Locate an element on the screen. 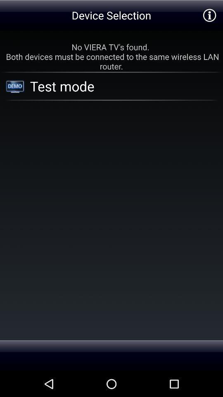 This screenshot has width=223, height=397. the info icon is located at coordinates (209, 16).